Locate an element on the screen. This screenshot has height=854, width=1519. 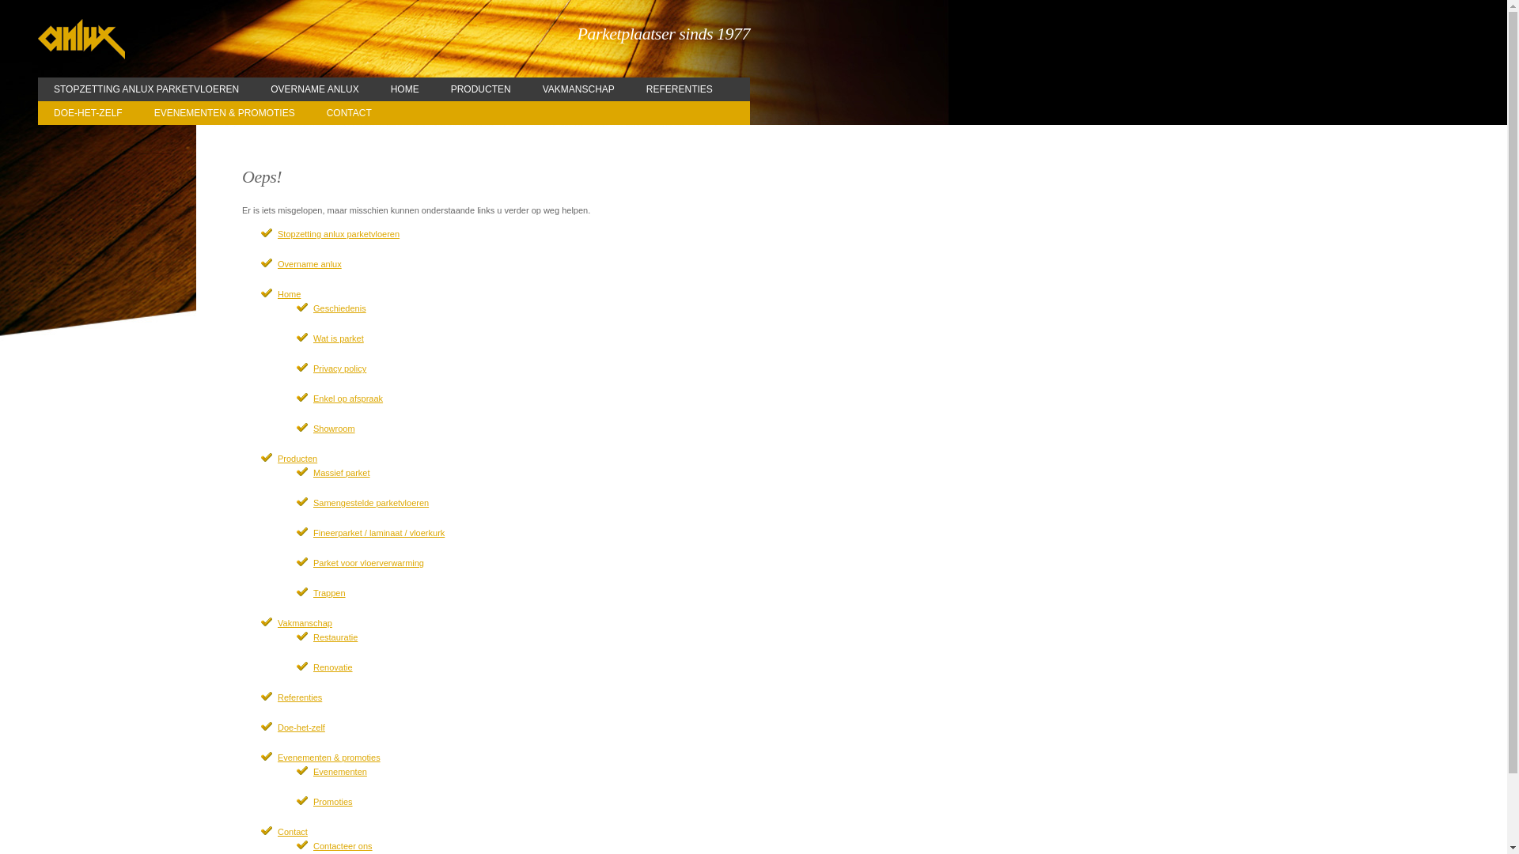
'Massief parket' is located at coordinates (341, 471).